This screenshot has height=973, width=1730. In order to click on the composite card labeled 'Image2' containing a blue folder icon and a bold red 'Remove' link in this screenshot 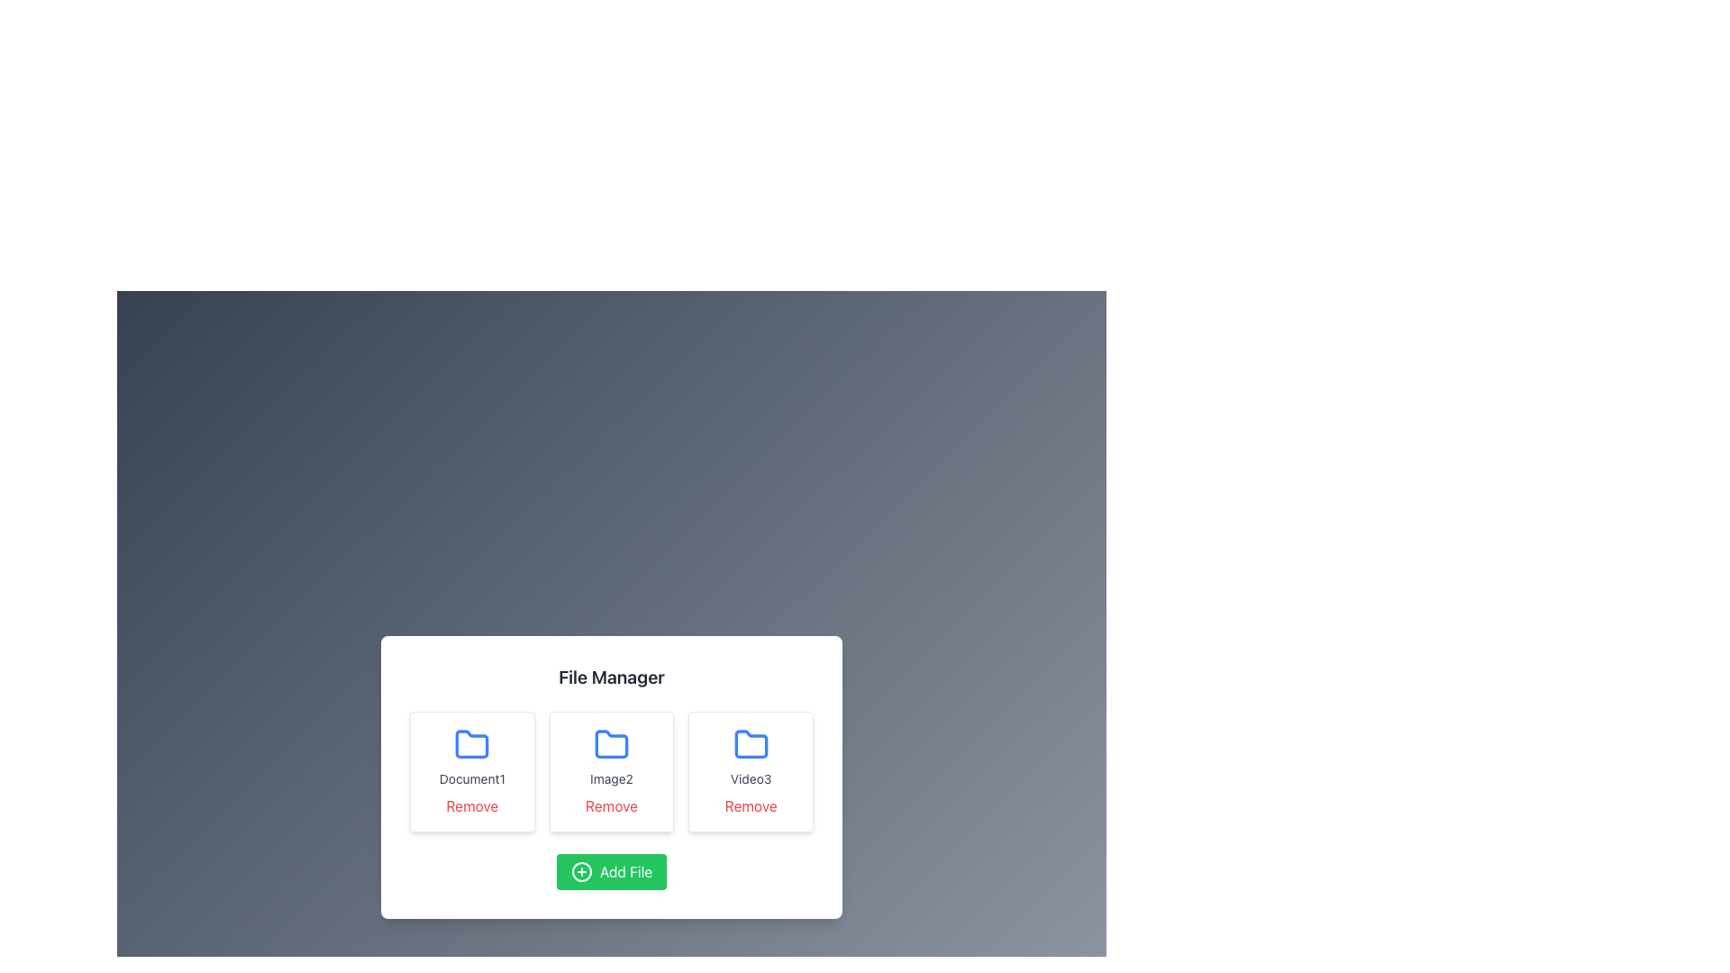, I will do `click(611, 770)`.